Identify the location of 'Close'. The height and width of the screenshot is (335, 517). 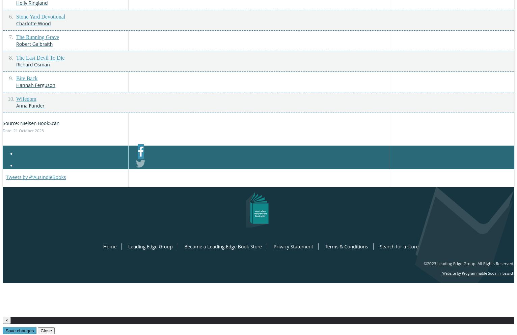
(46, 330).